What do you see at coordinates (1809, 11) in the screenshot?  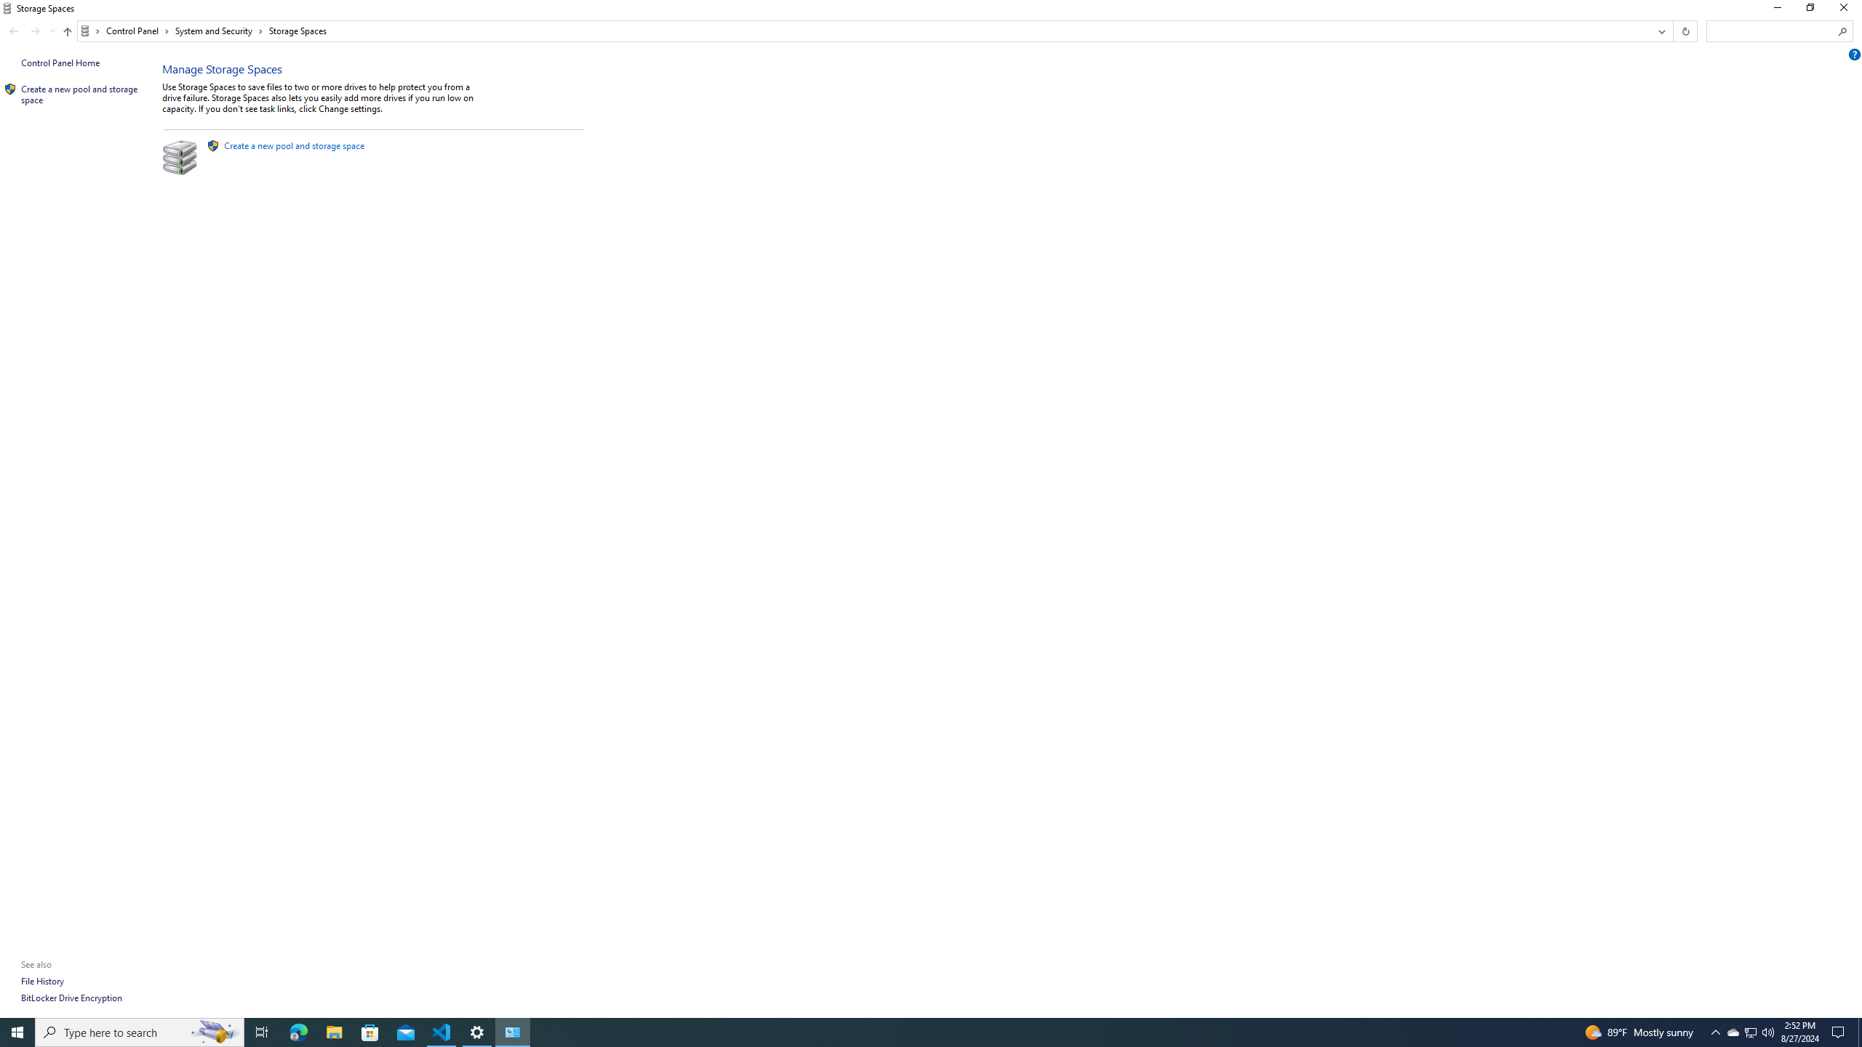 I see `'Restore'` at bounding box center [1809, 11].